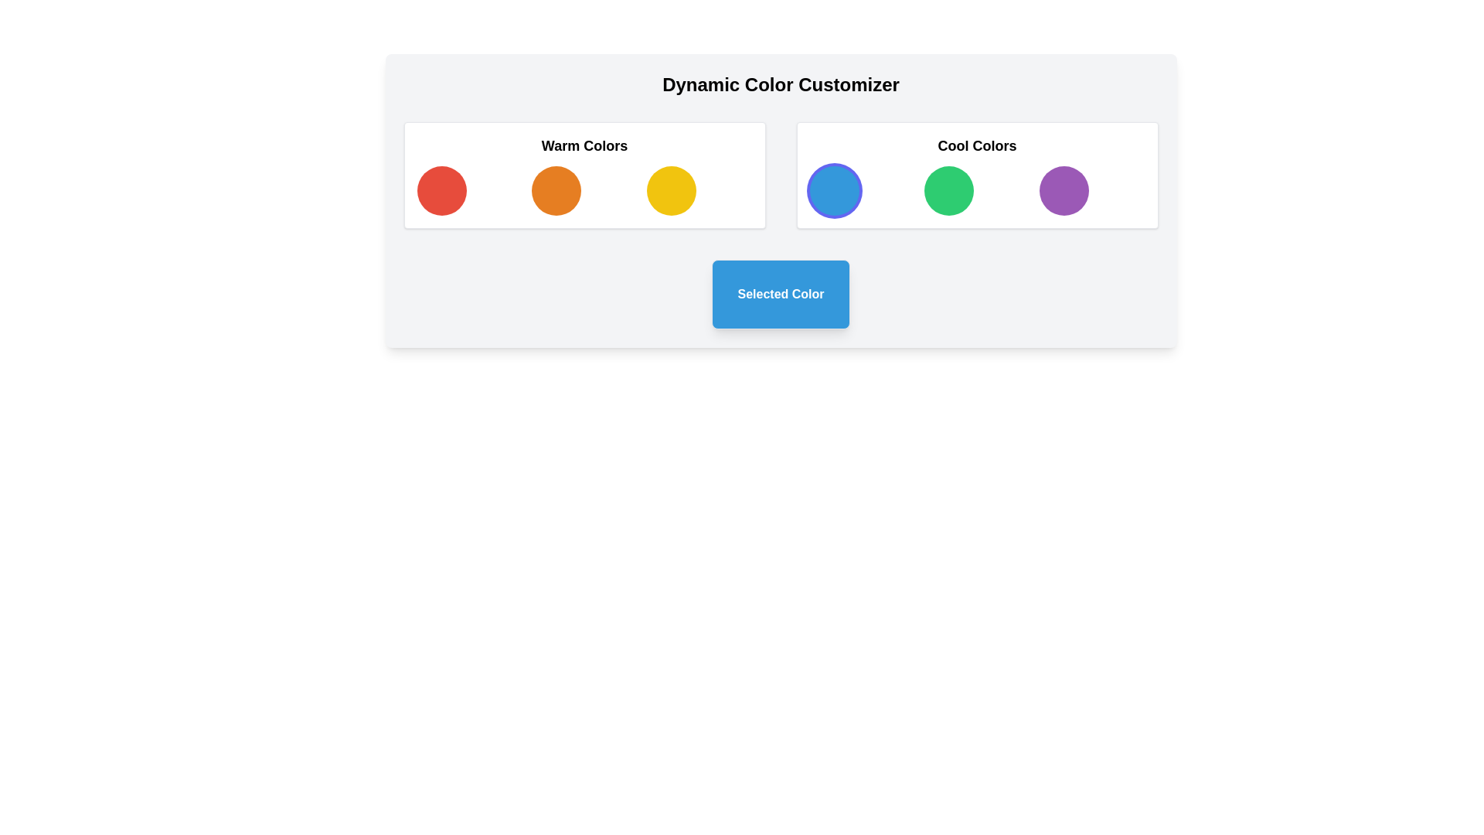 Image resolution: width=1484 pixels, height=835 pixels. What do you see at coordinates (781, 295) in the screenshot?
I see `the Display Box that shows the currently selected color, labeled 'Selected Color', located centrally at the bottom of the interface` at bounding box center [781, 295].